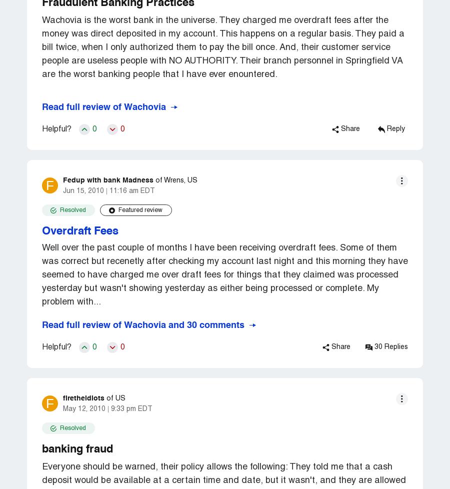  What do you see at coordinates (146, 316) in the screenshot?
I see `'ComplaintsBoard.com is a leading complaint resolution website on the Internet. For more than 19 years we have helped nearly 50000 customers.'` at bounding box center [146, 316].